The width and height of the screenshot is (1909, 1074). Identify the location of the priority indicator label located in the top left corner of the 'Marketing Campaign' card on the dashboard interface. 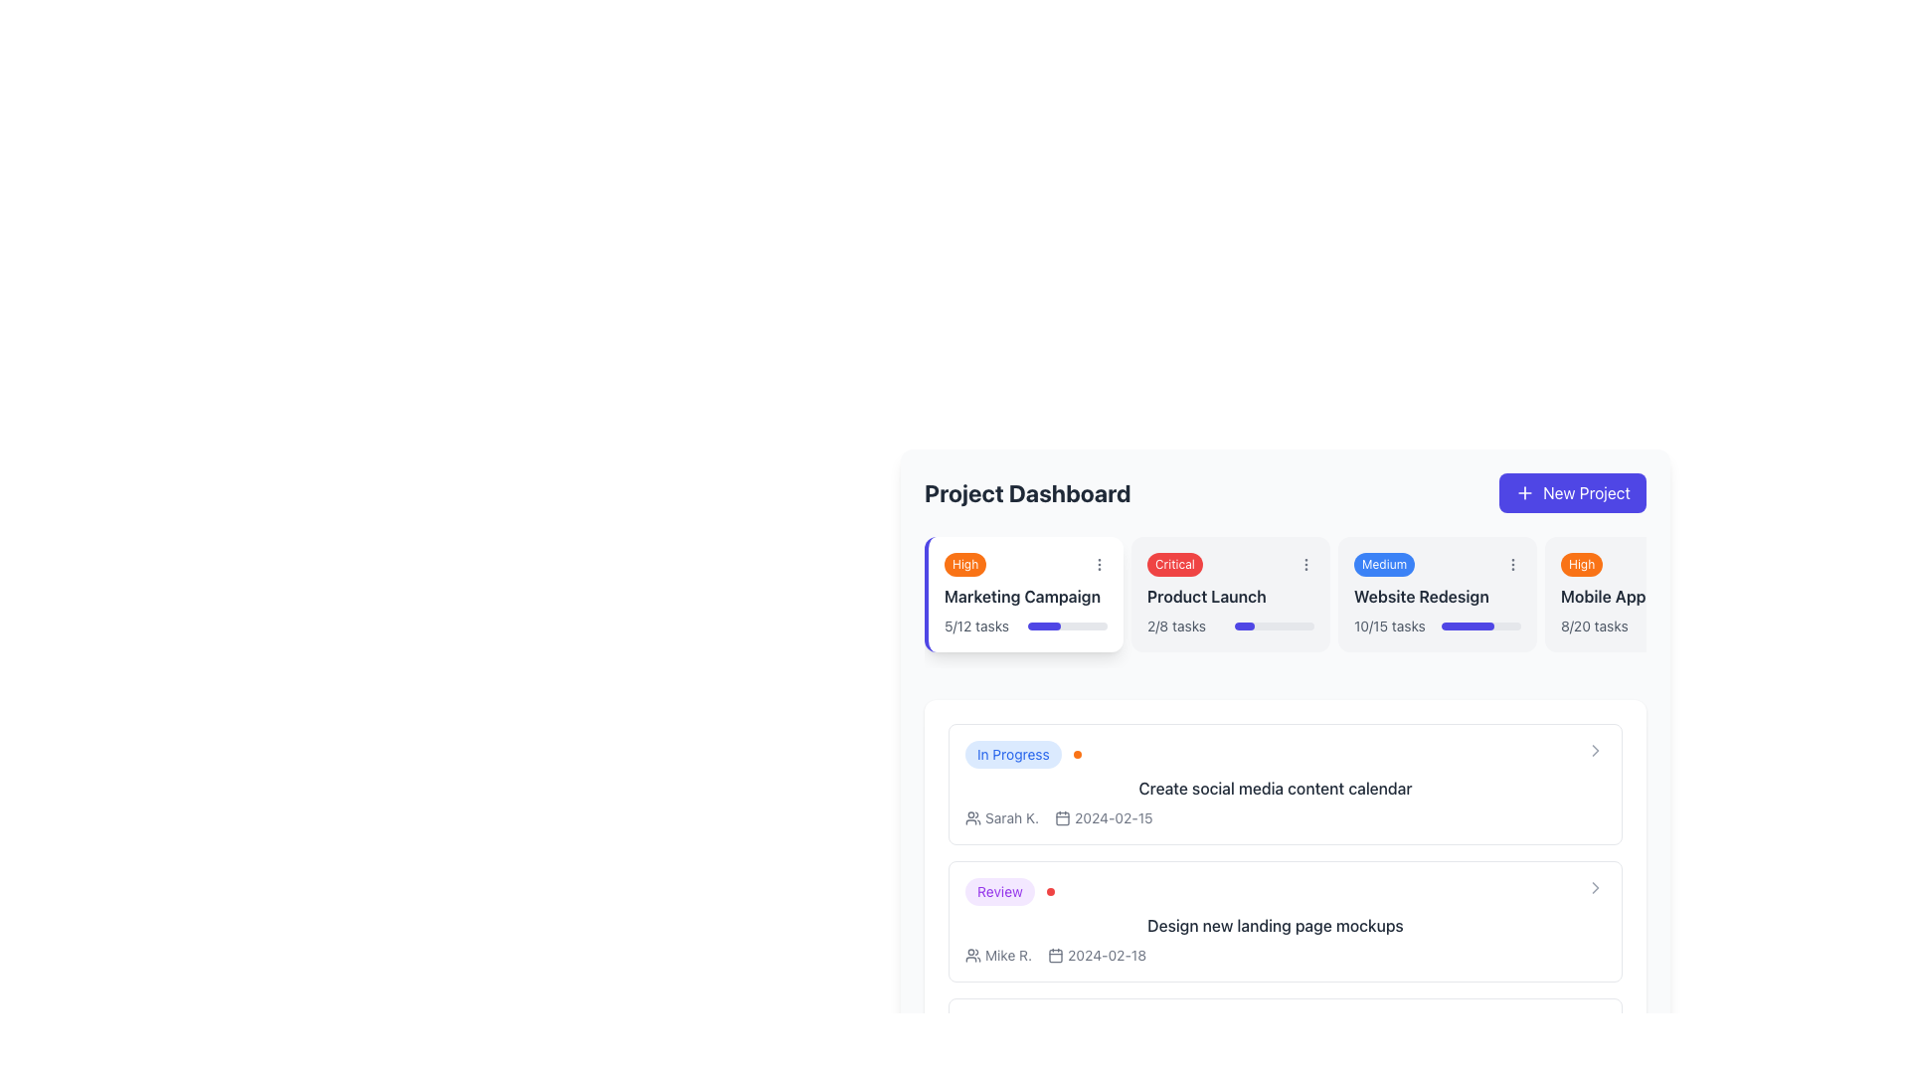
(965, 564).